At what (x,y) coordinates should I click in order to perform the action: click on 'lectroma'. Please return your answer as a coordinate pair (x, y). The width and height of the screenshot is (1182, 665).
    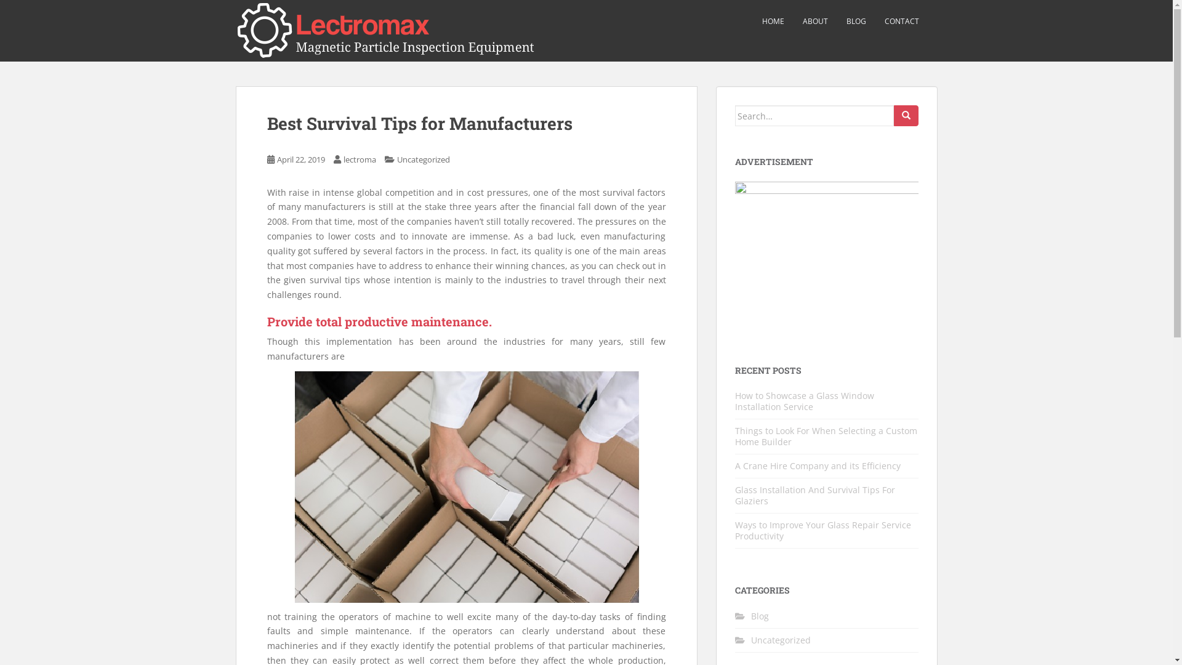
    Looking at the image, I should click on (359, 158).